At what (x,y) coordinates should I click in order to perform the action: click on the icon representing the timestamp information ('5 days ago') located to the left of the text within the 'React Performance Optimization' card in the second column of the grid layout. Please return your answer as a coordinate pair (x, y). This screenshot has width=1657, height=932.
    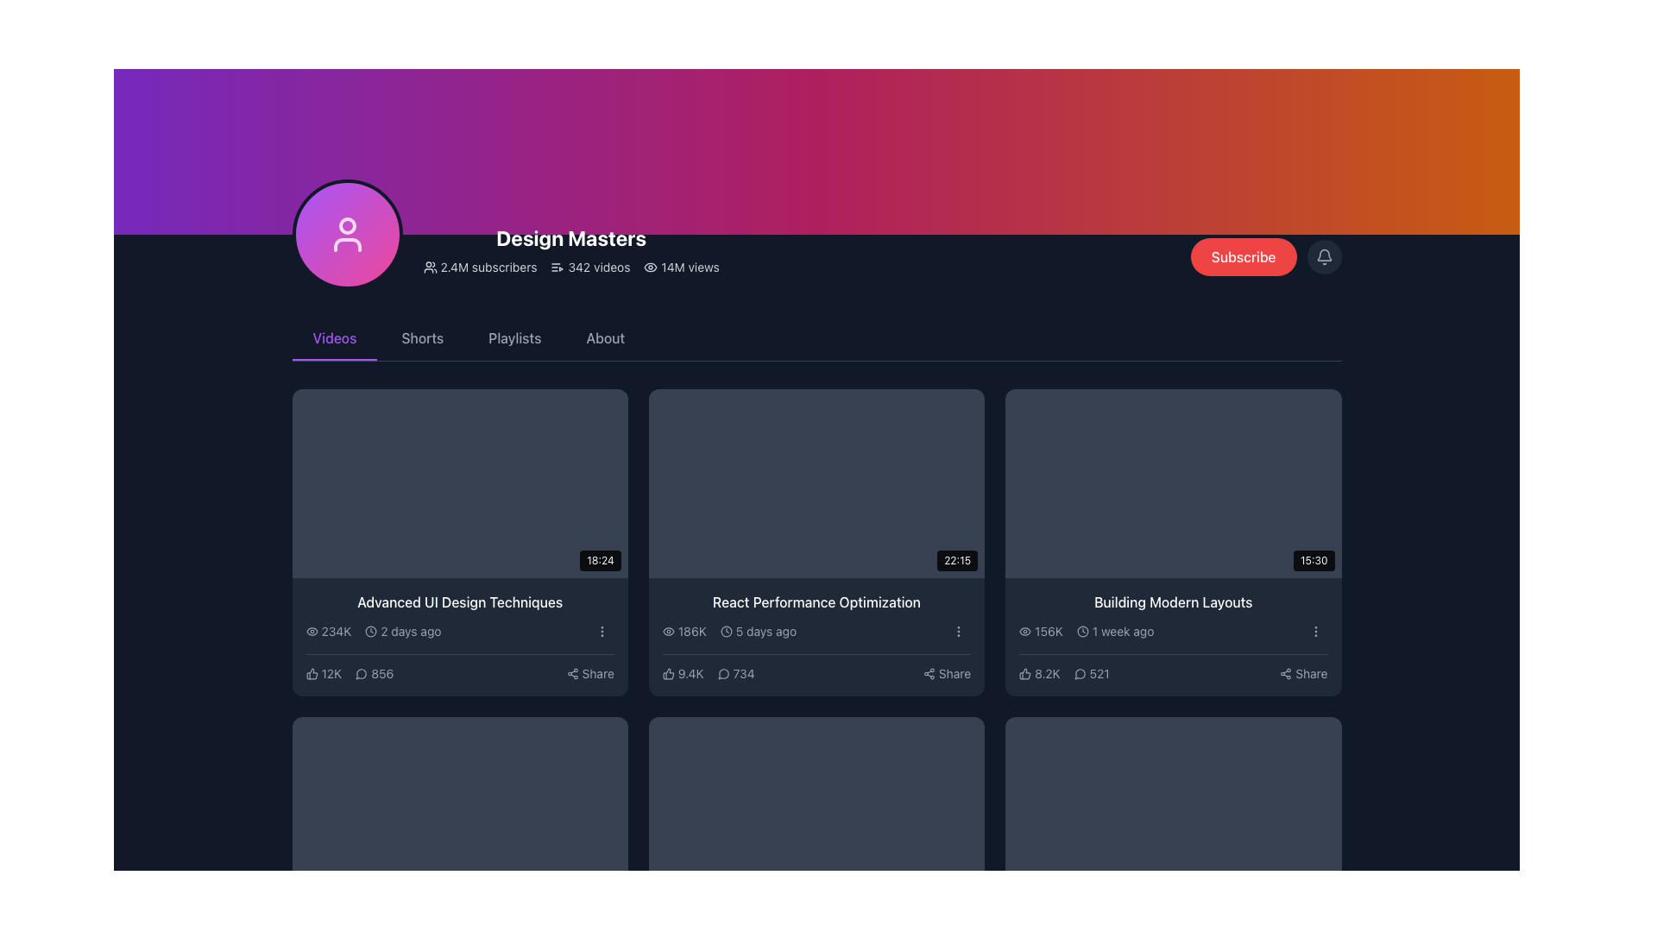
    Looking at the image, I should click on (726, 632).